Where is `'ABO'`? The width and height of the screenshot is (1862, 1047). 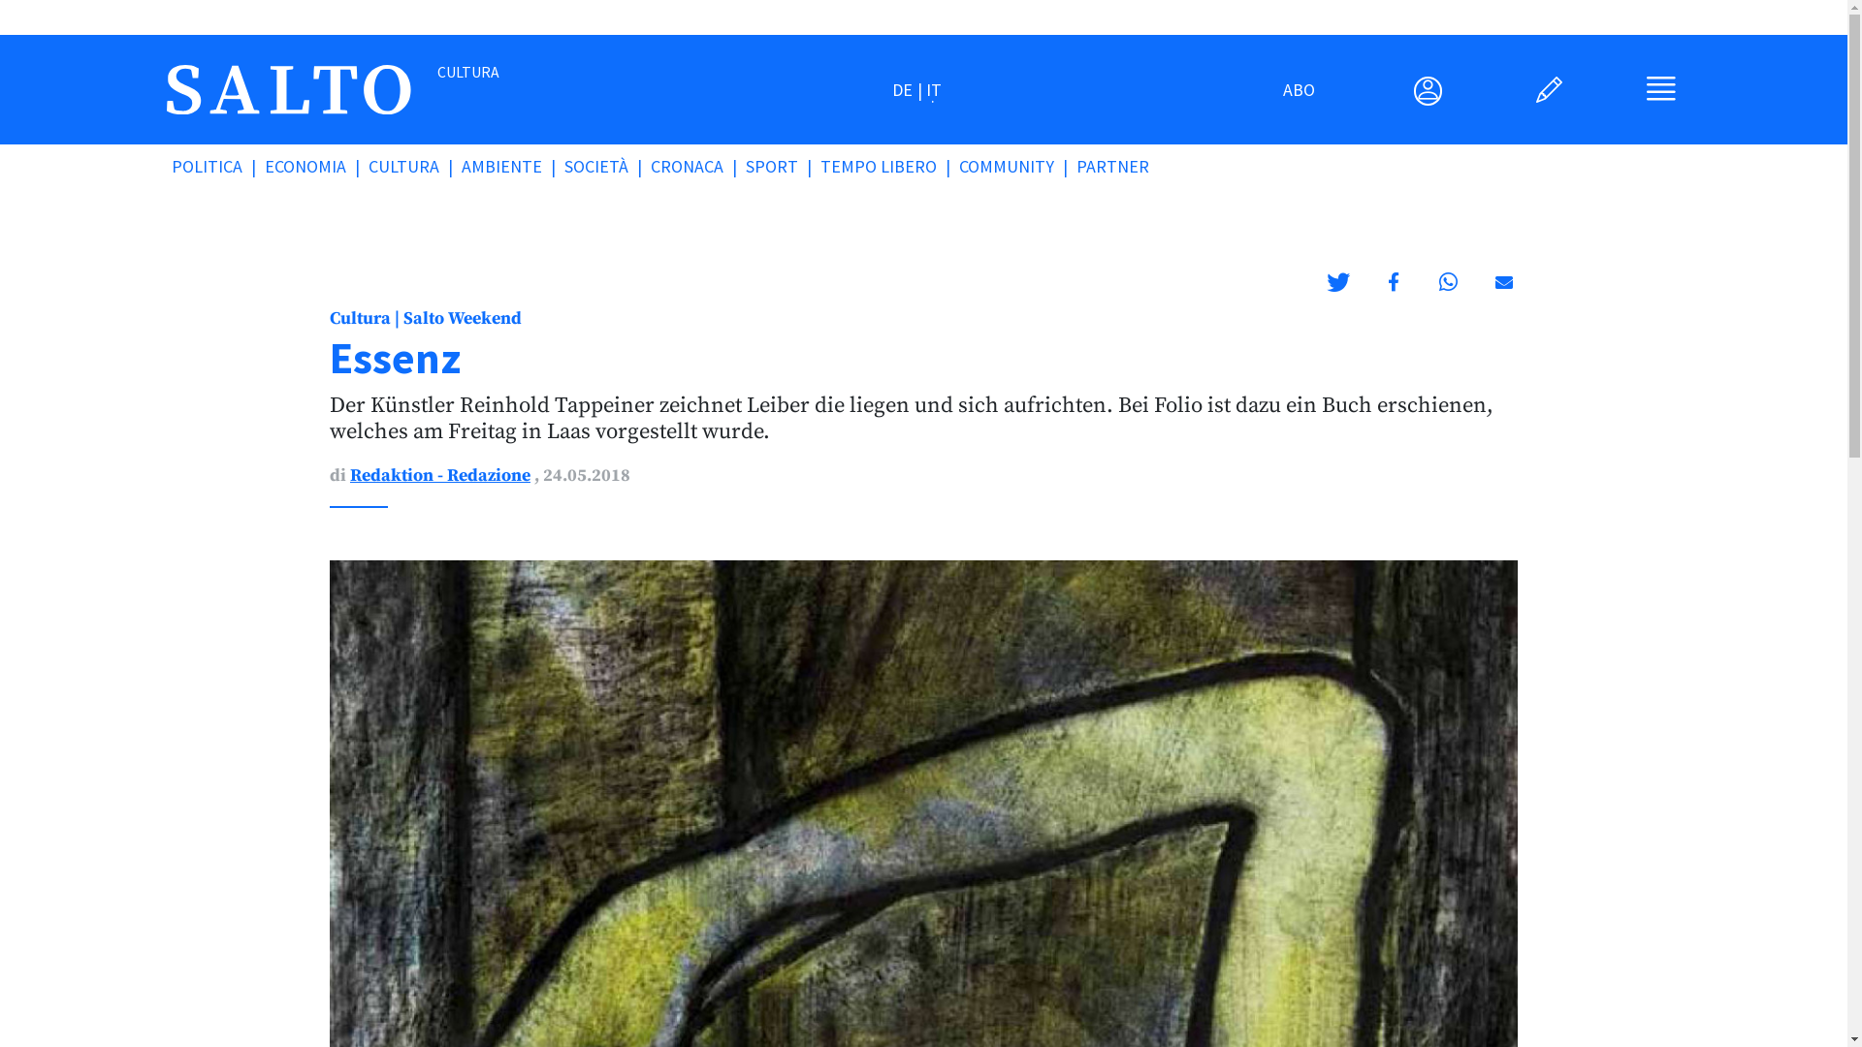
'ABO' is located at coordinates (1299, 89).